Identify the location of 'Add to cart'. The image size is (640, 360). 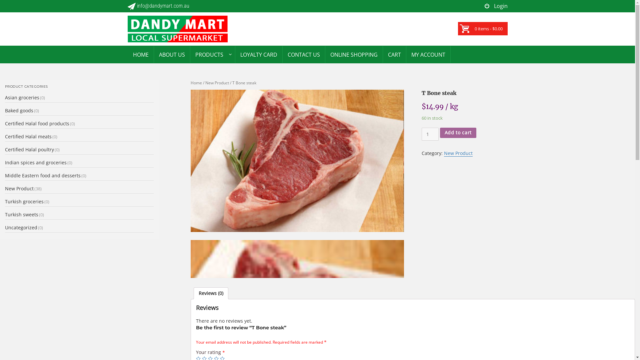
(458, 133).